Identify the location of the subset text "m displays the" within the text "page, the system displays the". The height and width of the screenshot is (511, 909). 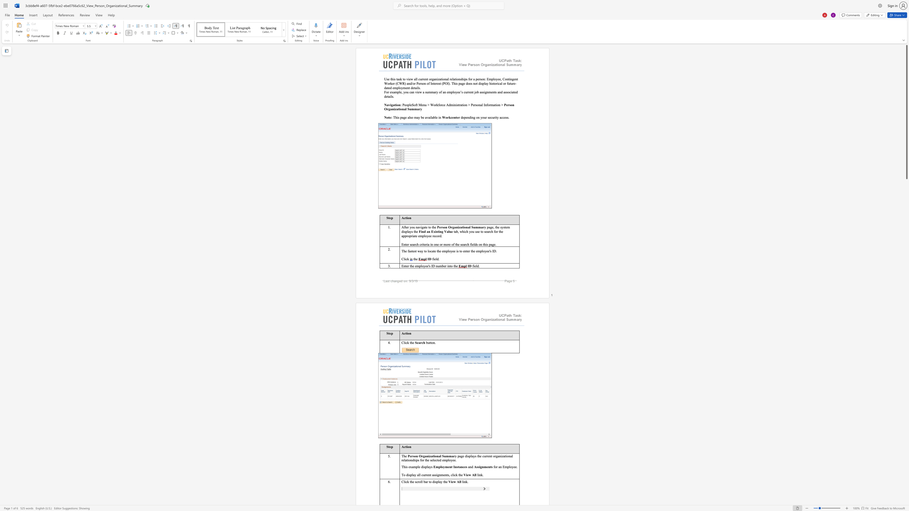
(507, 227).